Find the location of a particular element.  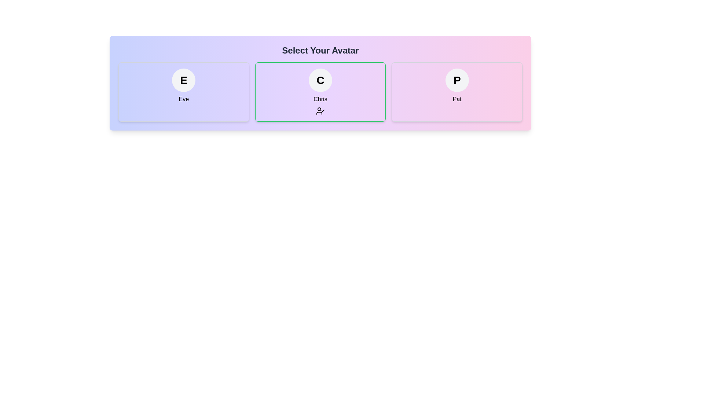

the avatar named Pat is located at coordinates (456, 91).